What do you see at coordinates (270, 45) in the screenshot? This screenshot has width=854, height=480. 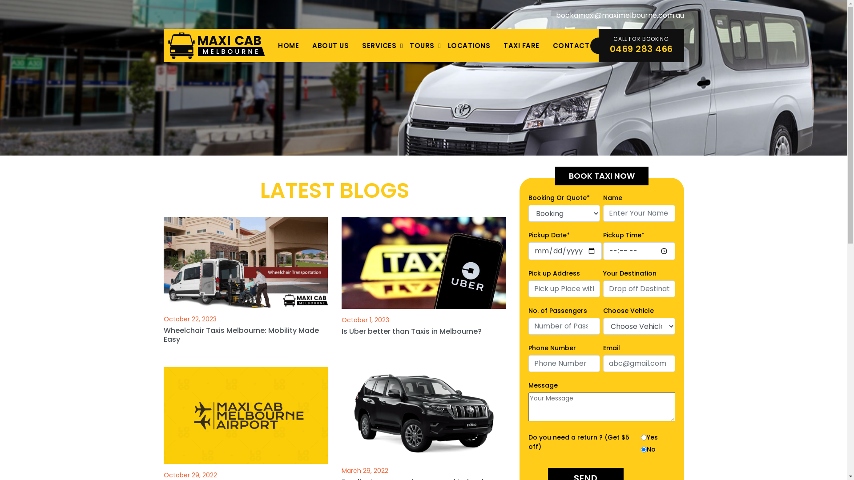 I see `'HOME'` at bounding box center [270, 45].